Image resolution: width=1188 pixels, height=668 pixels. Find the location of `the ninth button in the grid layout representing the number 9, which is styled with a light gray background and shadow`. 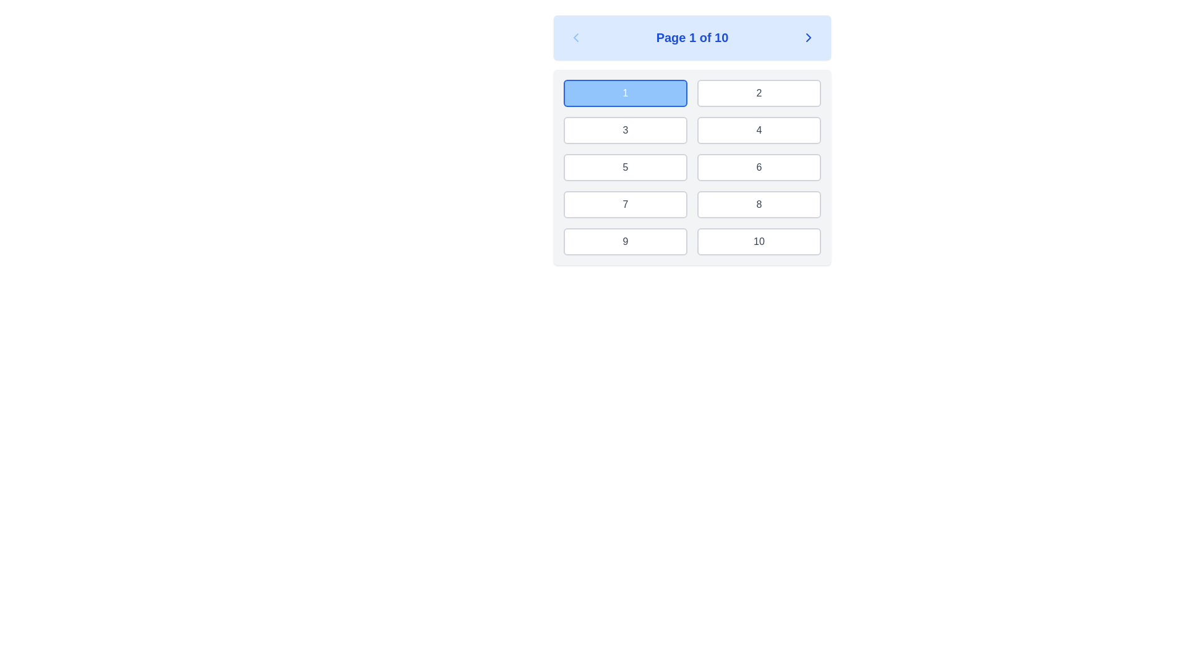

the ninth button in the grid layout representing the number 9, which is styled with a light gray background and shadow is located at coordinates (626, 241).